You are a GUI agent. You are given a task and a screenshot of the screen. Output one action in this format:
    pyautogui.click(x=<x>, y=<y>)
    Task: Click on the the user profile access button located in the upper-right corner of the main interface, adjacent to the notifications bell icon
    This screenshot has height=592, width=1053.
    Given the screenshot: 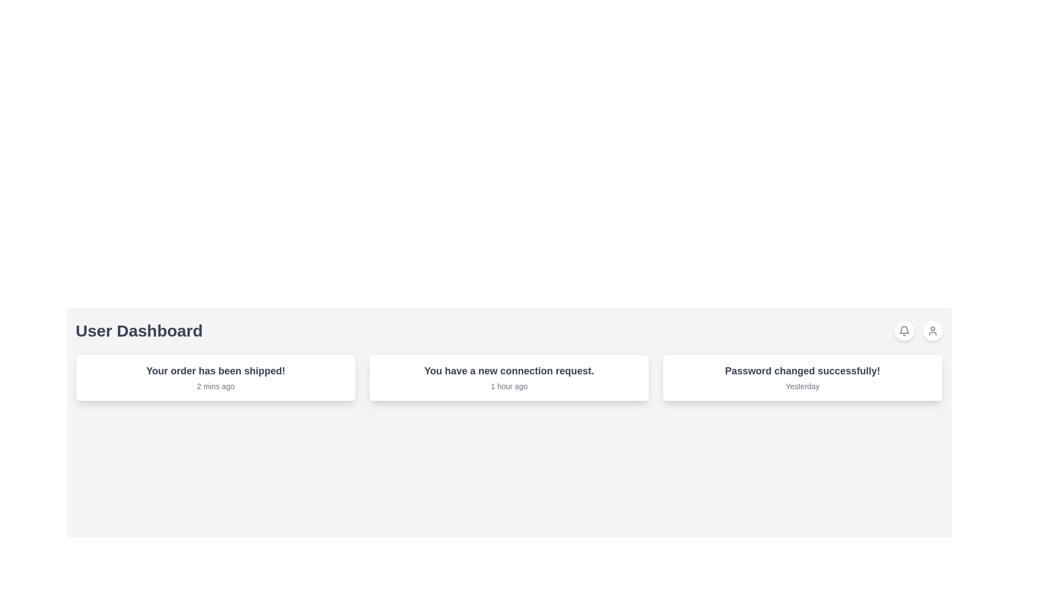 What is the action you would take?
    pyautogui.click(x=932, y=331)
    